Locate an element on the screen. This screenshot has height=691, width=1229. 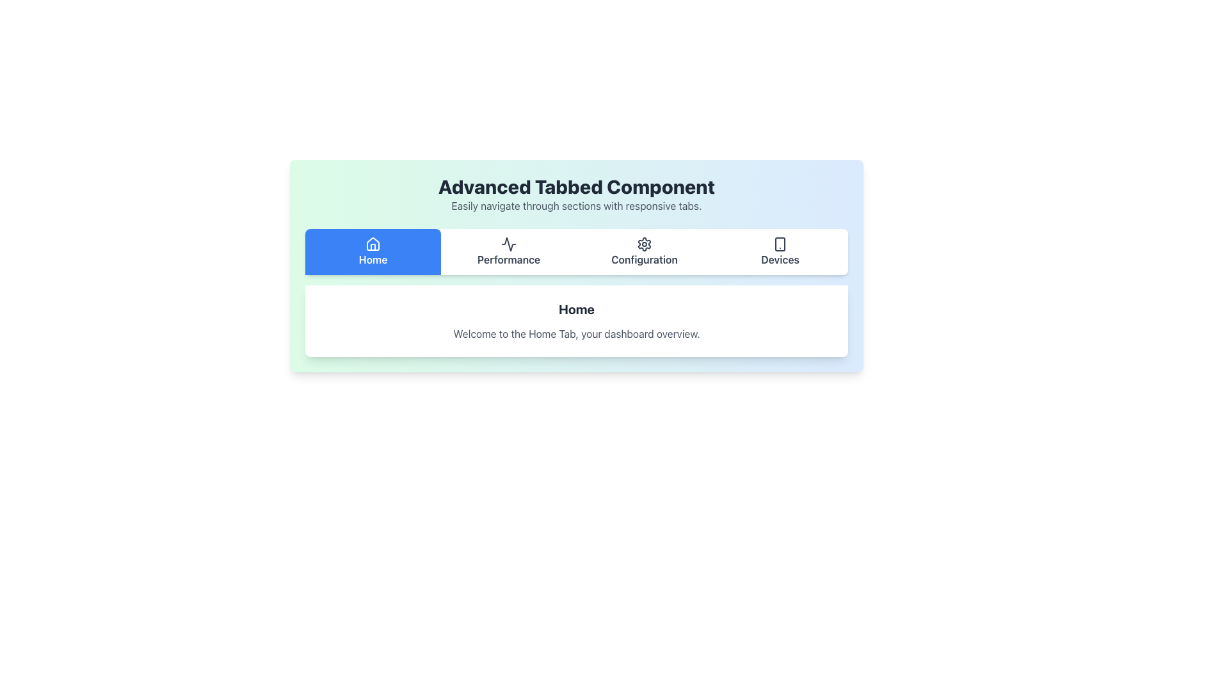
the 'Home' text label, which is displayed in white font on a blue background, located in the top-left navigation bar, below the house icon, to gather navigation cues is located at coordinates (372, 259).